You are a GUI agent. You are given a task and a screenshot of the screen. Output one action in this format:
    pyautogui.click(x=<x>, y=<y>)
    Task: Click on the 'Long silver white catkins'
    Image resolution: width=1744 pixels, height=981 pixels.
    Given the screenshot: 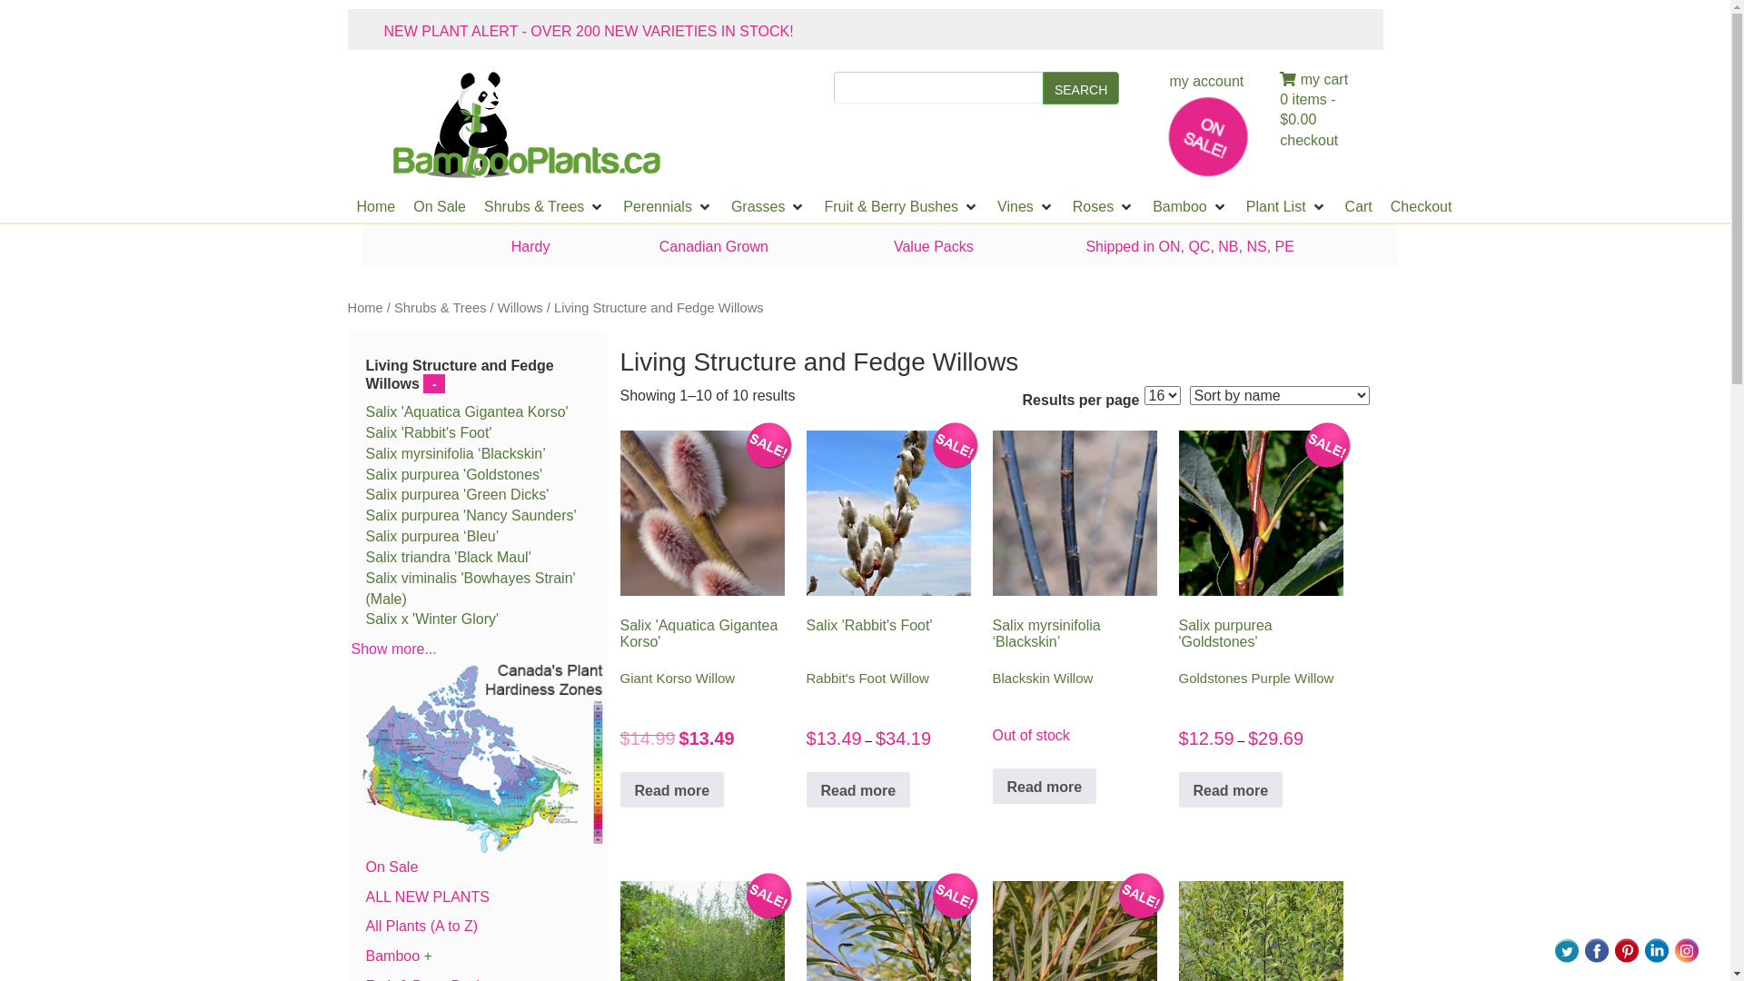 What is the action you would take?
    pyautogui.click(x=889, y=512)
    